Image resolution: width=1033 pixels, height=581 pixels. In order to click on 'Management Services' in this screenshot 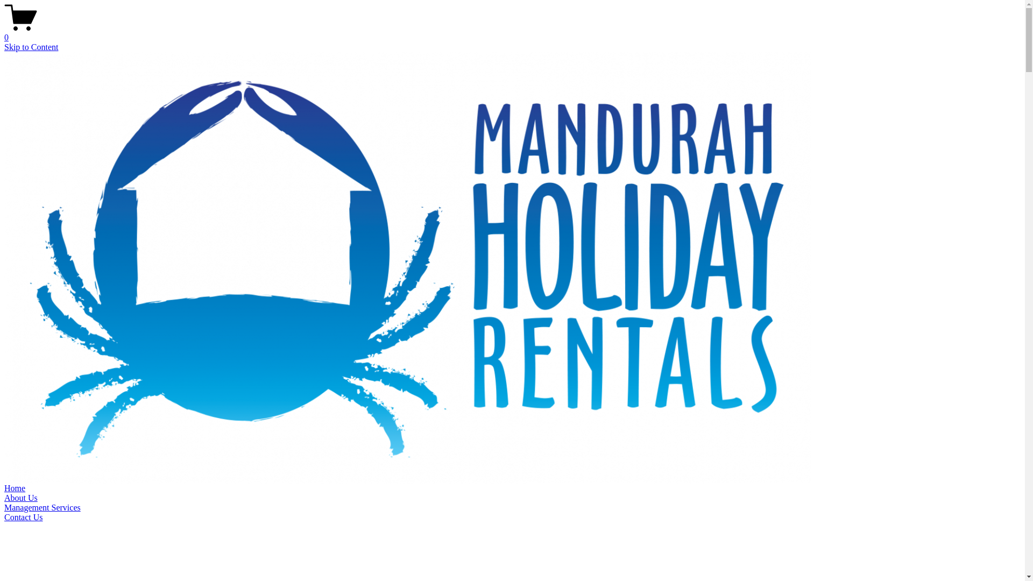, I will do `click(42, 507)`.